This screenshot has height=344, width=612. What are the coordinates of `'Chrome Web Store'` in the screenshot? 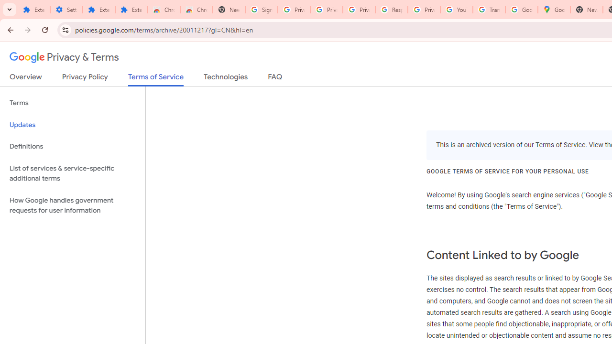 It's located at (164, 10).